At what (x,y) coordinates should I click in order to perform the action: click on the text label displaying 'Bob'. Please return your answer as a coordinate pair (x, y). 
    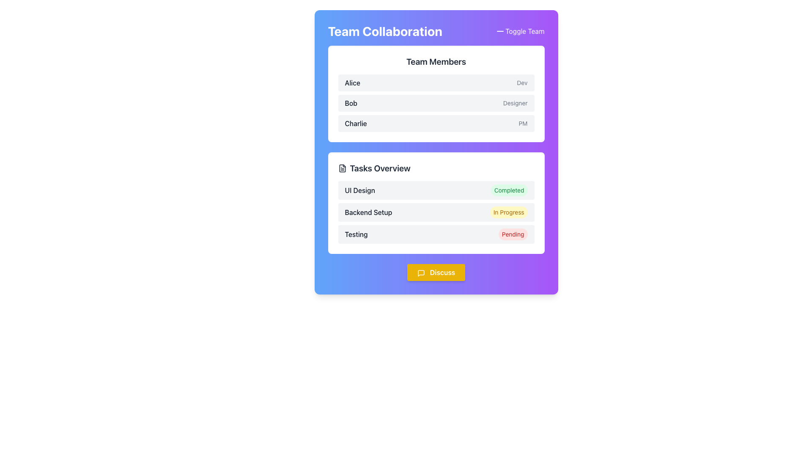
    Looking at the image, I should click on (351, 102).